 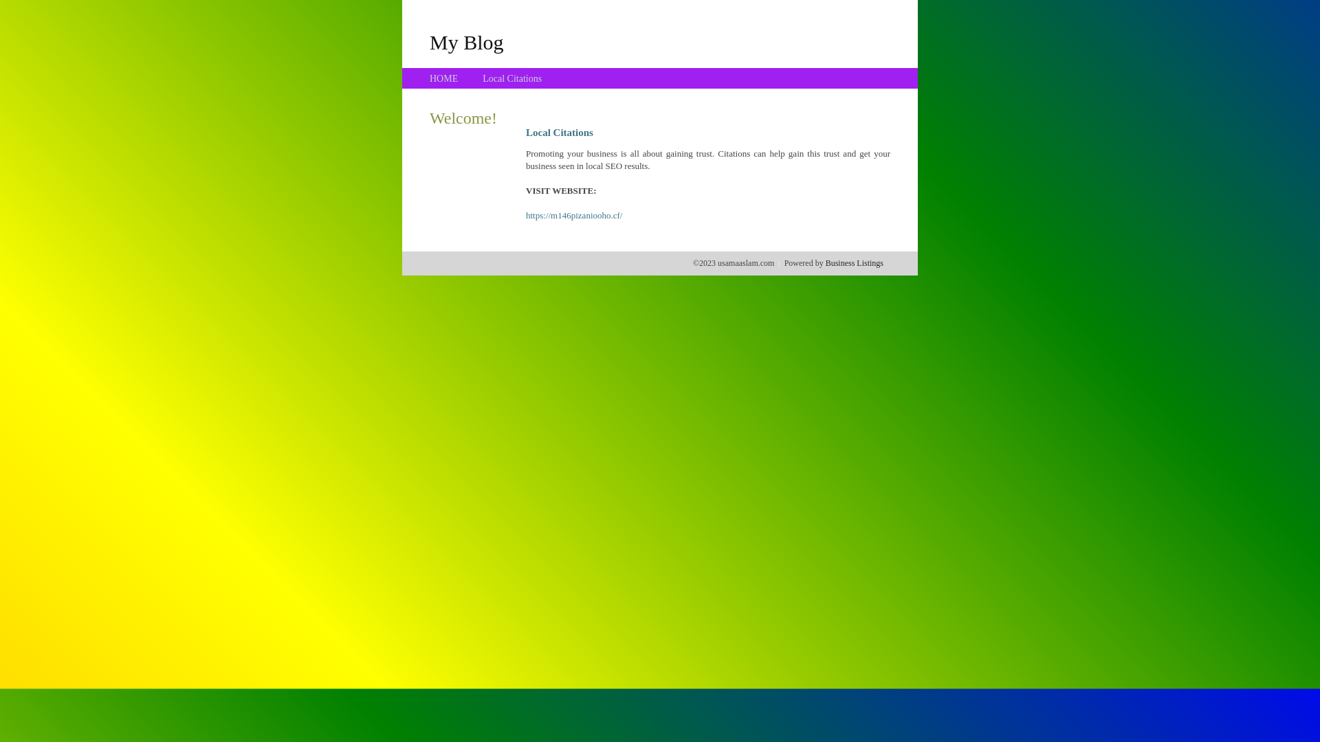 I want to click on 'https://m146pizaniooho.cf/', so click(x=525, y=215).